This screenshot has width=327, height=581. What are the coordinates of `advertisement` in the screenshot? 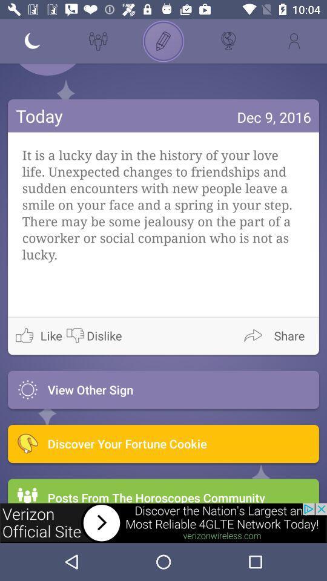 It's located at (163, 522).